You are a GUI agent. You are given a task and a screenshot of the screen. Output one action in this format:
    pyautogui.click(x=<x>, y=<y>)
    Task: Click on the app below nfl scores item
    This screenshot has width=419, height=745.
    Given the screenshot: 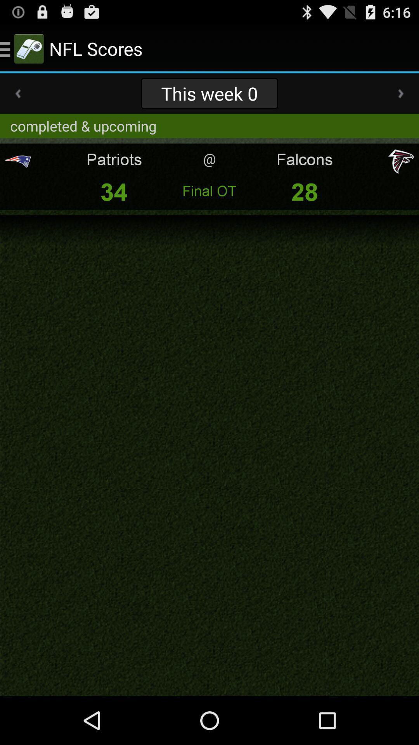 What is the action you would take?
    pyautogui.click(x=209, y=93)
    